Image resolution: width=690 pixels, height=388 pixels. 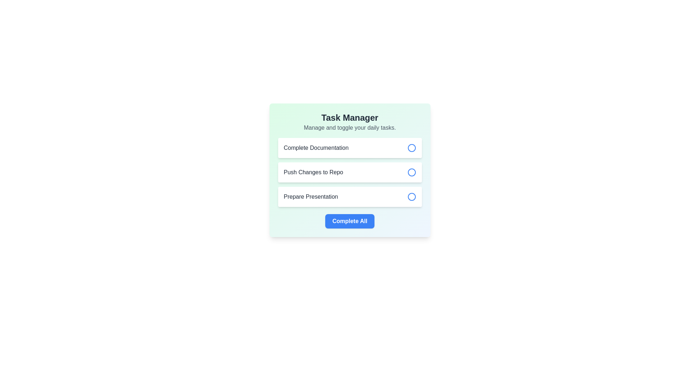 I want to click on the 'Complete All' button, which is a bright blue rectangular button with white bold text located at the bottom center of the 'Task Manager' panel, so click(x=350, y=221).